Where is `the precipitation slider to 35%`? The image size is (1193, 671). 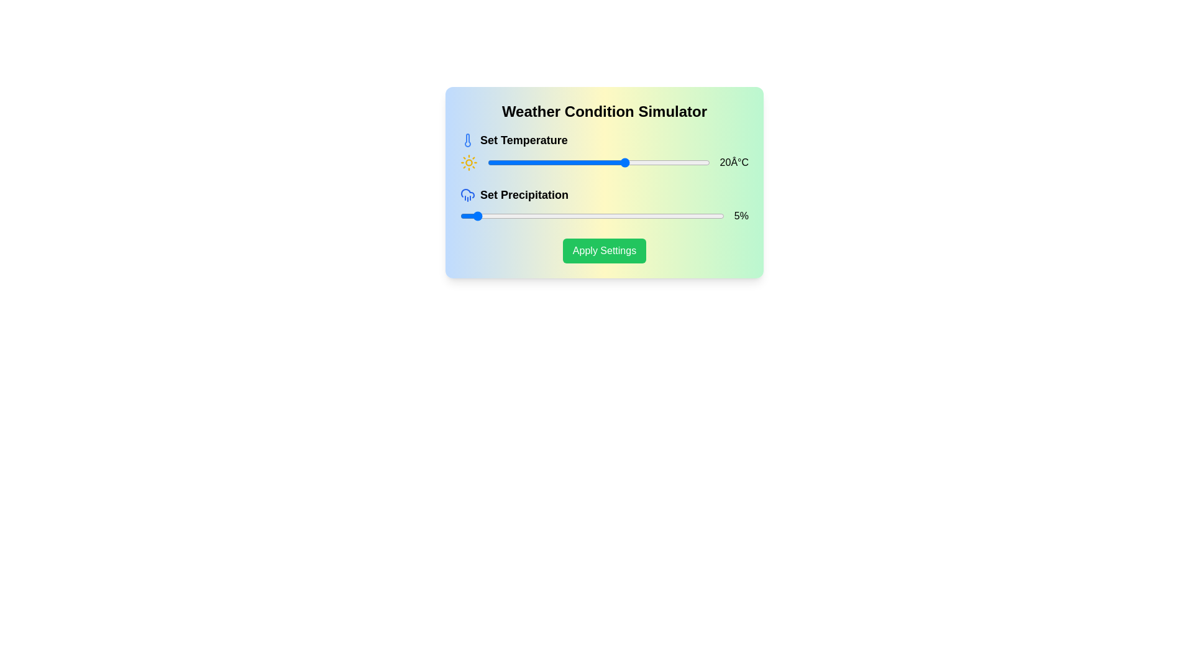 the precipitation slider to 35% is located at coordinates (552, 215).